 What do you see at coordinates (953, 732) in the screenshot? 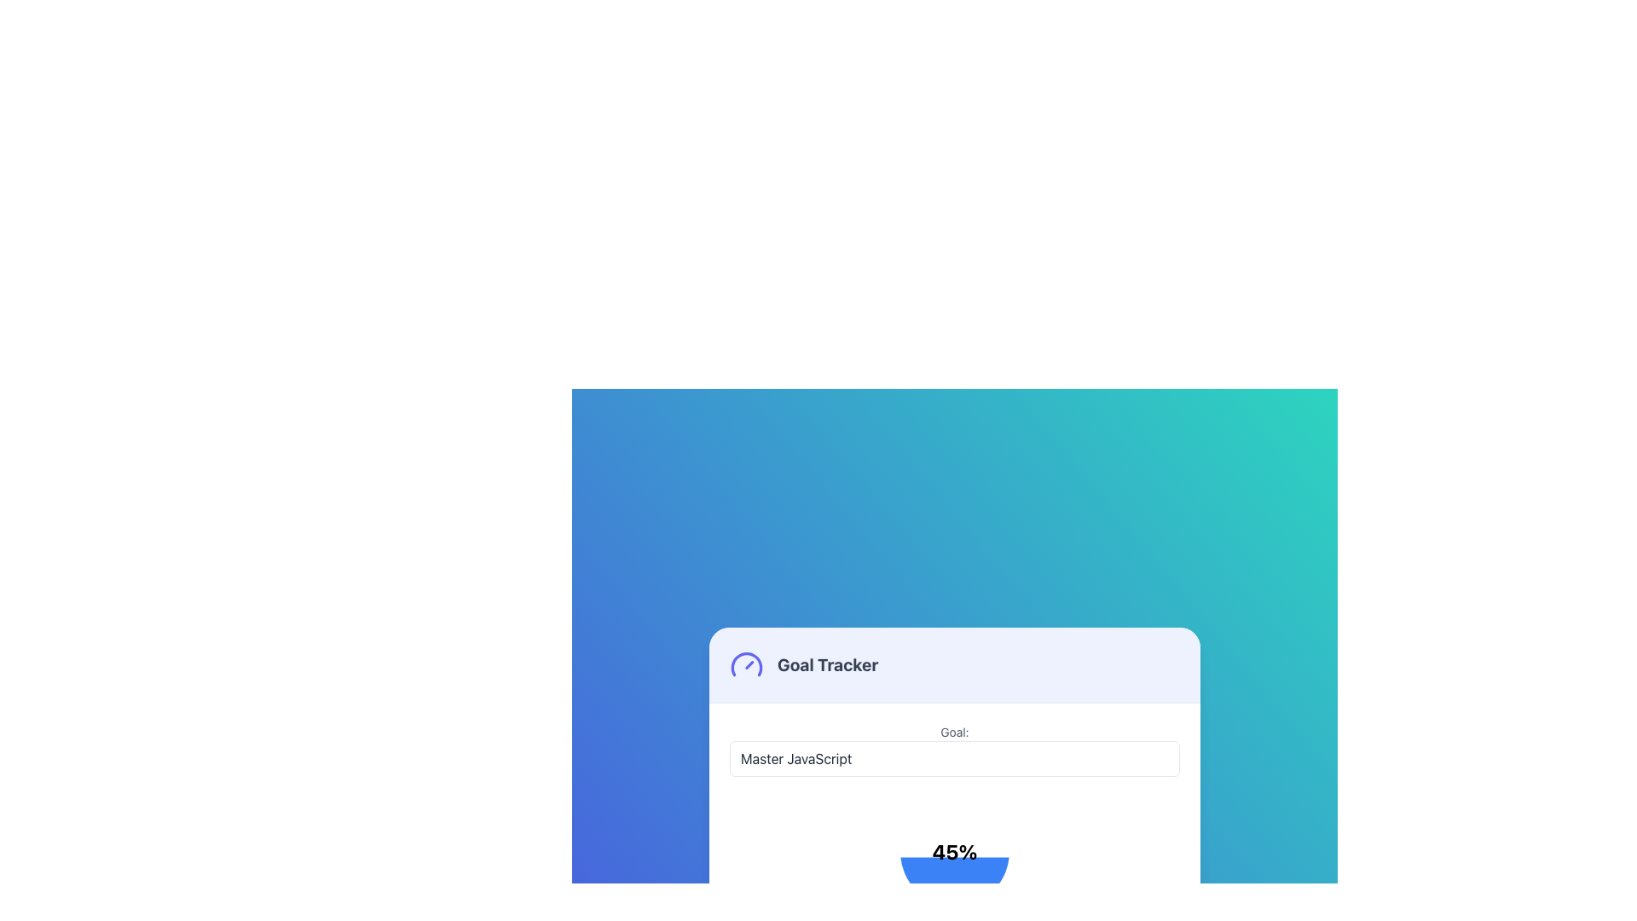
I see `the text label displaying 'Goal:' styled in light gray at the top of its section` at bounding box center [953, 732].